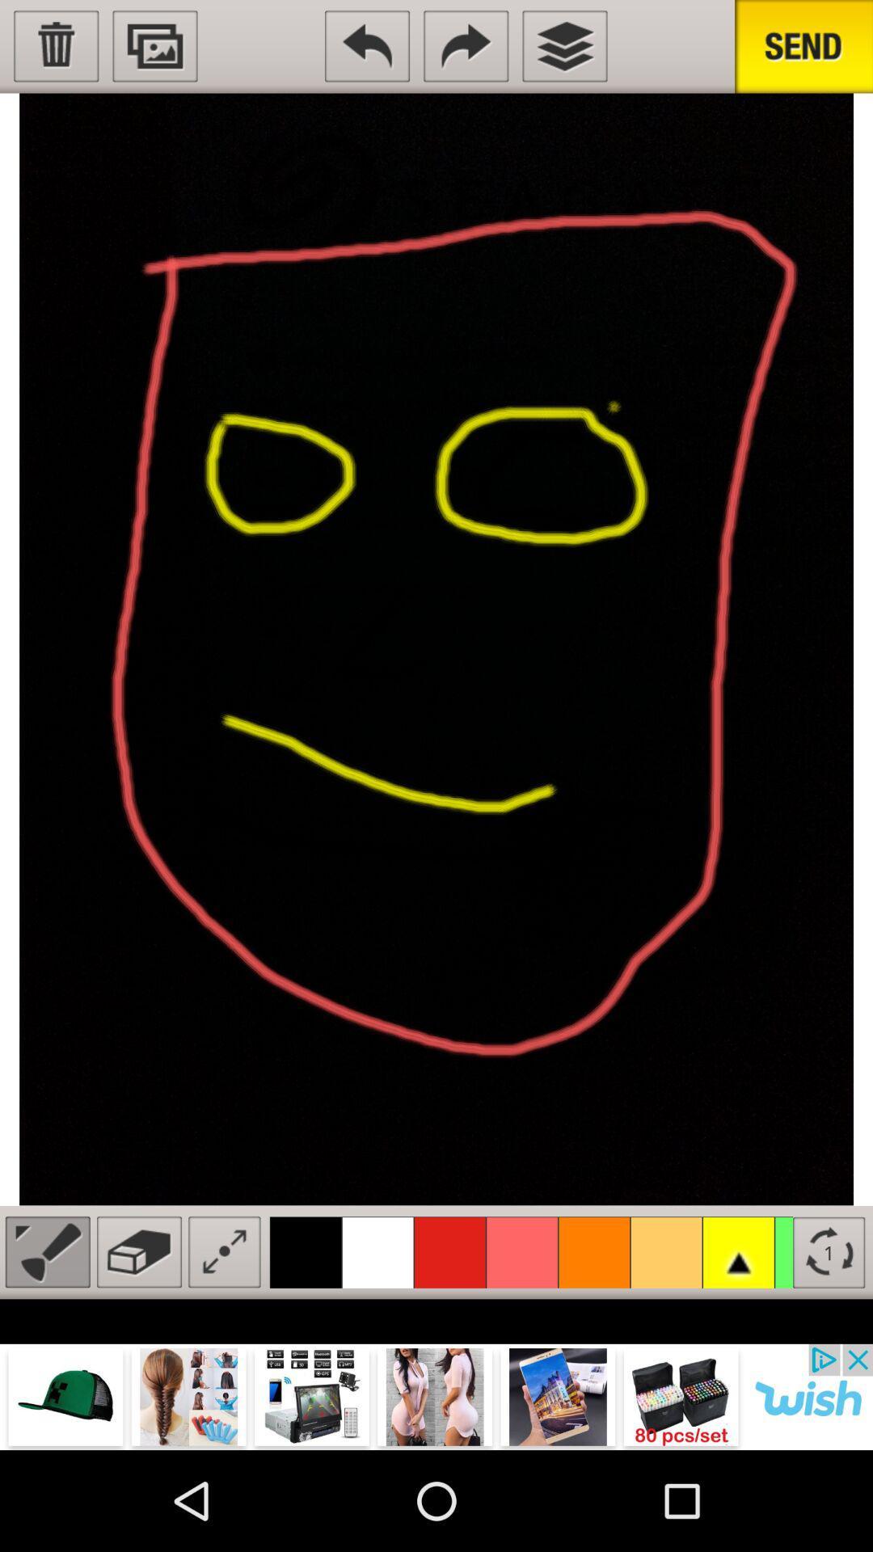  Describe the element at coordinates (155, 46) in the screenshot. I see `send image` at that location.